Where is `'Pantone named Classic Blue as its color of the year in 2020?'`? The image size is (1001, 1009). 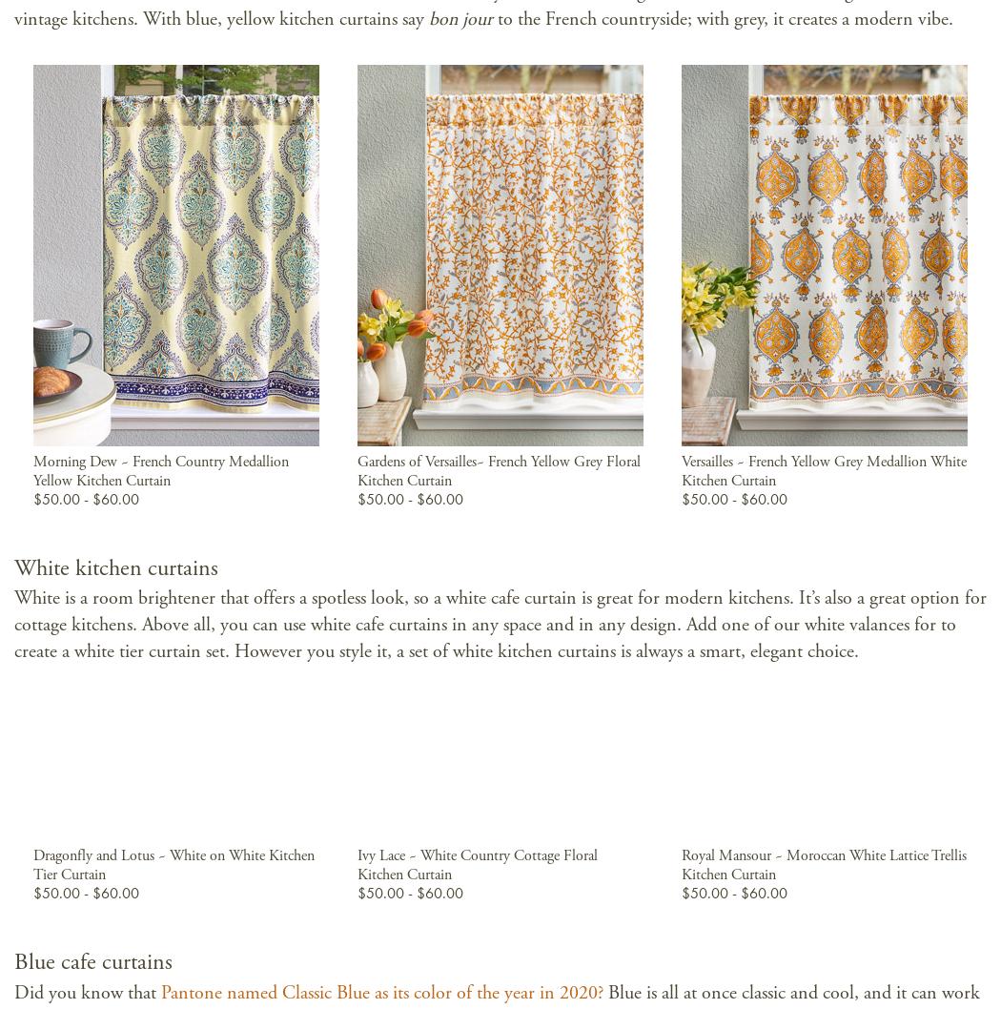
'Pantone named Classic Blue as its color of the year in 2020?' is located at coordinates (381, 992).